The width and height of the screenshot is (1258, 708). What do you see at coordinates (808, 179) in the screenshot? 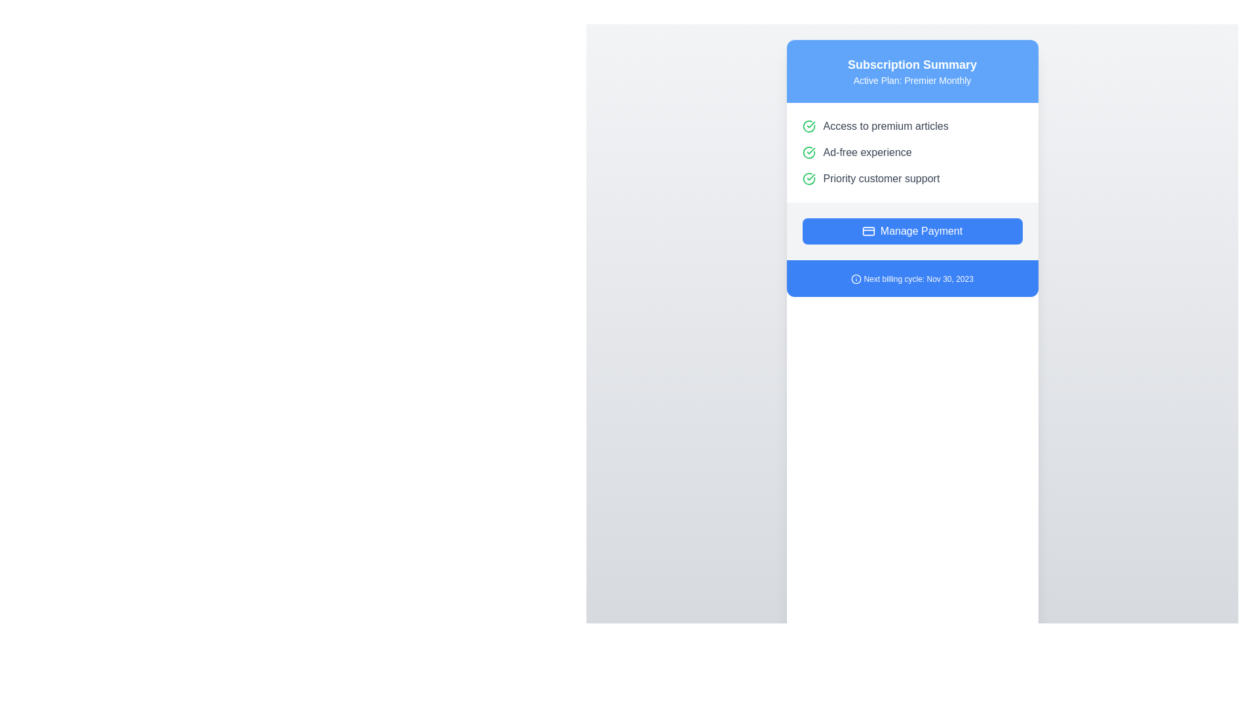
I see `the green circular icon with a check mark located next to the text 'Priority customer support' in the subscription summary card's third item` at bounding box center [808, 179].